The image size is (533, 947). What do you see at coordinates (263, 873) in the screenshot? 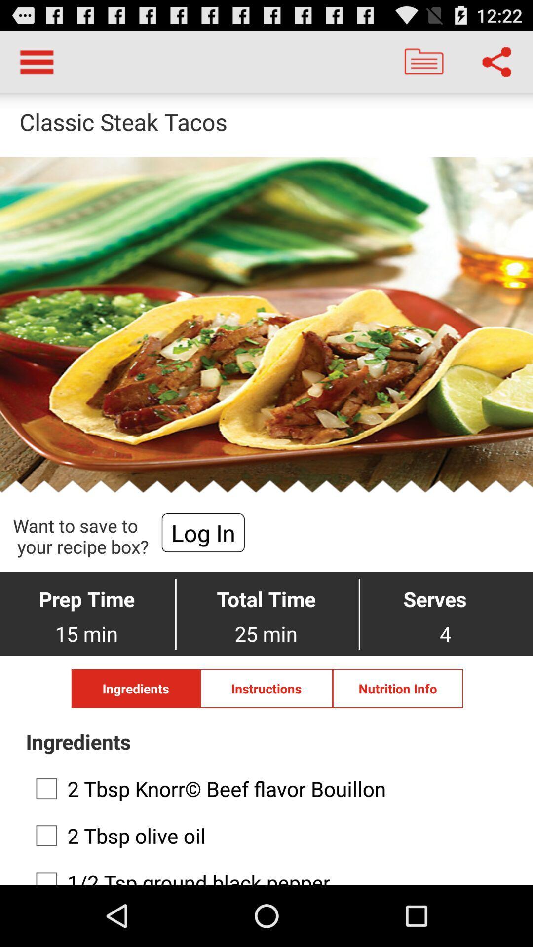
I see `icon below the 2 tbsp olive` at bounding box center [263, 873].